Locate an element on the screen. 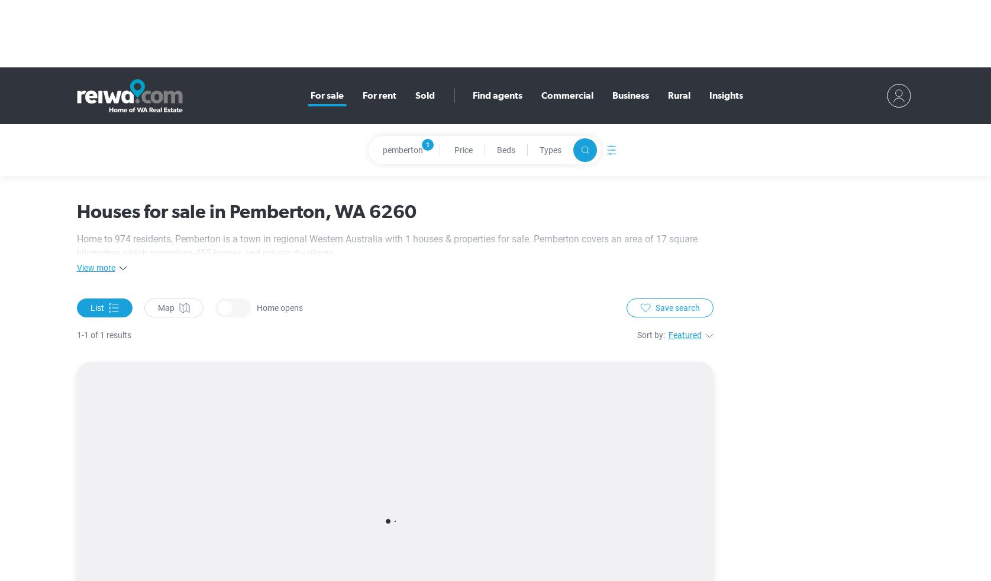 The height and width of the screenshot is (581, 991). 'houses for rent in Pemberton' is located at coordinates (340, 318).